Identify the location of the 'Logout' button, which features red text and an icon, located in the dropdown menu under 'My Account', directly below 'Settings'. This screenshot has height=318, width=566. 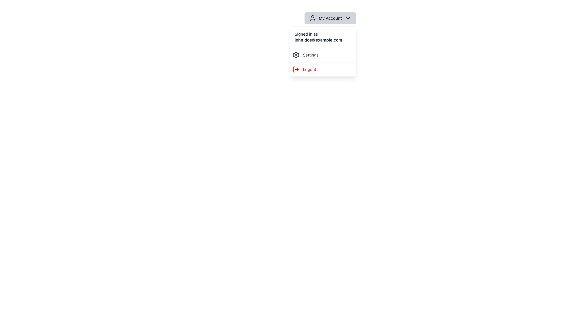
(323, 69).